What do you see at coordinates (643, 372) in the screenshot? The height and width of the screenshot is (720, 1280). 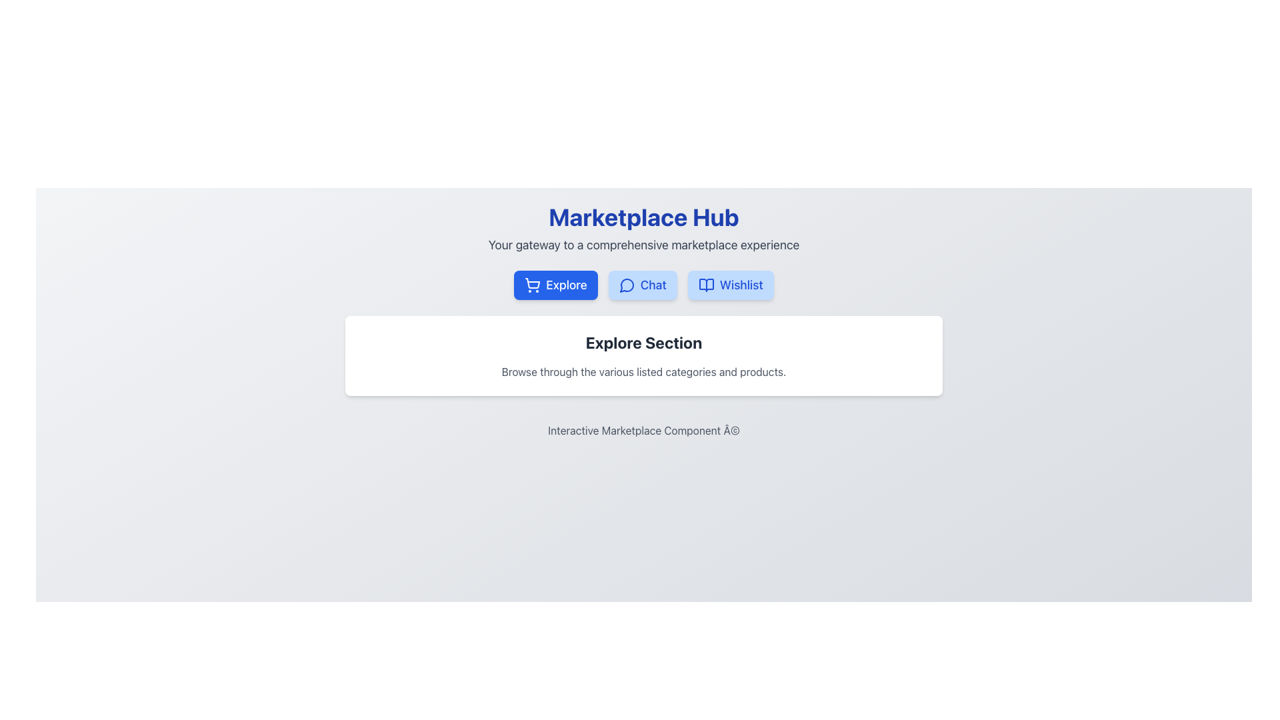 I see `static text block styled in gray color that is positioned immediately below the 'Explore Section' title, which contains the content: 'Browse through the various listed categories and products.'` at bounding box center [643, 372].